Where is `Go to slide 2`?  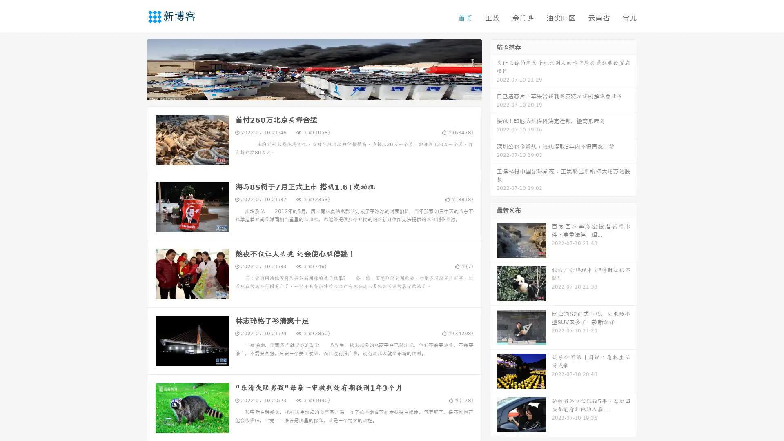
Go to slide 2 is located at coordinates (314, 92).